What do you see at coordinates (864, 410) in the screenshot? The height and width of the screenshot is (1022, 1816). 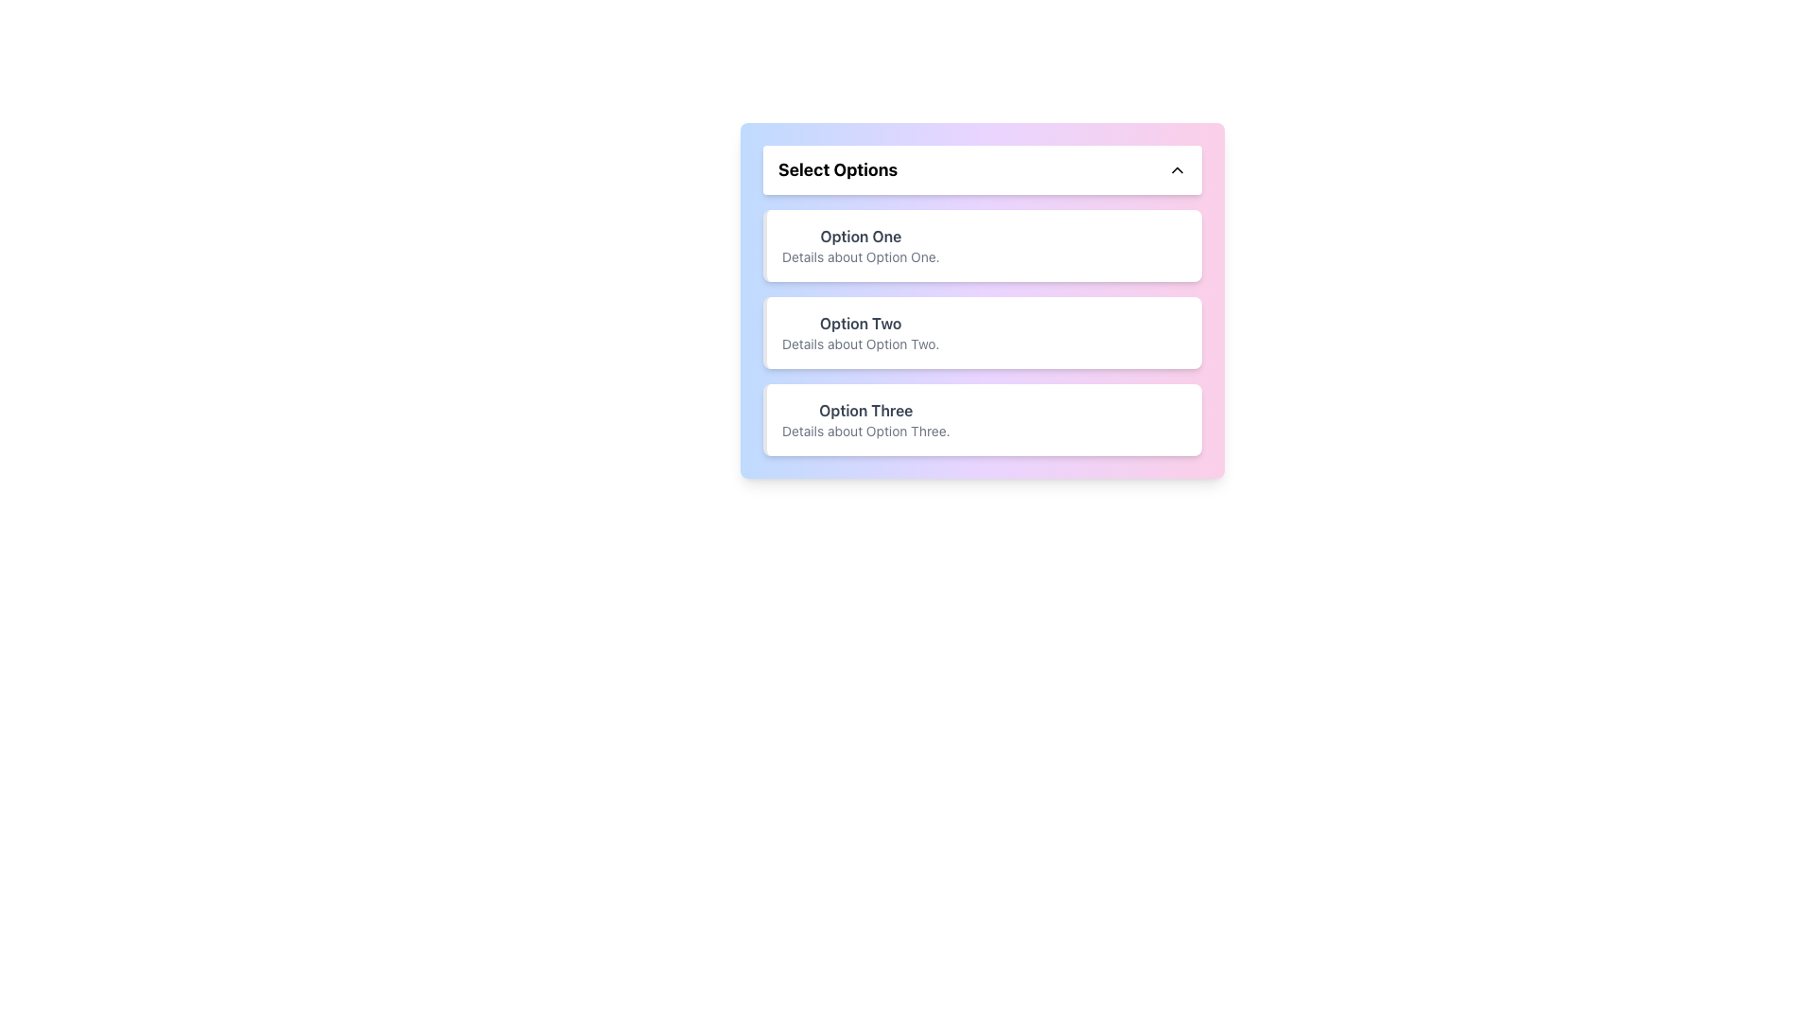 I see `the 'Option Three' text label, which is styled with bold dark gray text and located at the bottom of the third item in a vertical list of options` at bounding box center [864, 410].